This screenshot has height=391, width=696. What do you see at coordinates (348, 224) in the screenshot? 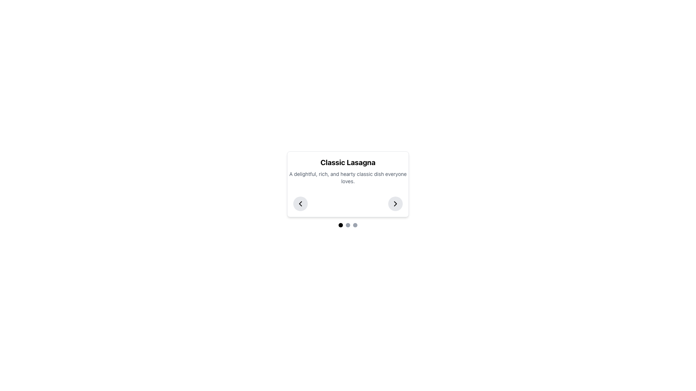
I see `the second gray circular indicator dot located below the 'Classic Lasagna' card in the interface` at bounding box center [348, 224].